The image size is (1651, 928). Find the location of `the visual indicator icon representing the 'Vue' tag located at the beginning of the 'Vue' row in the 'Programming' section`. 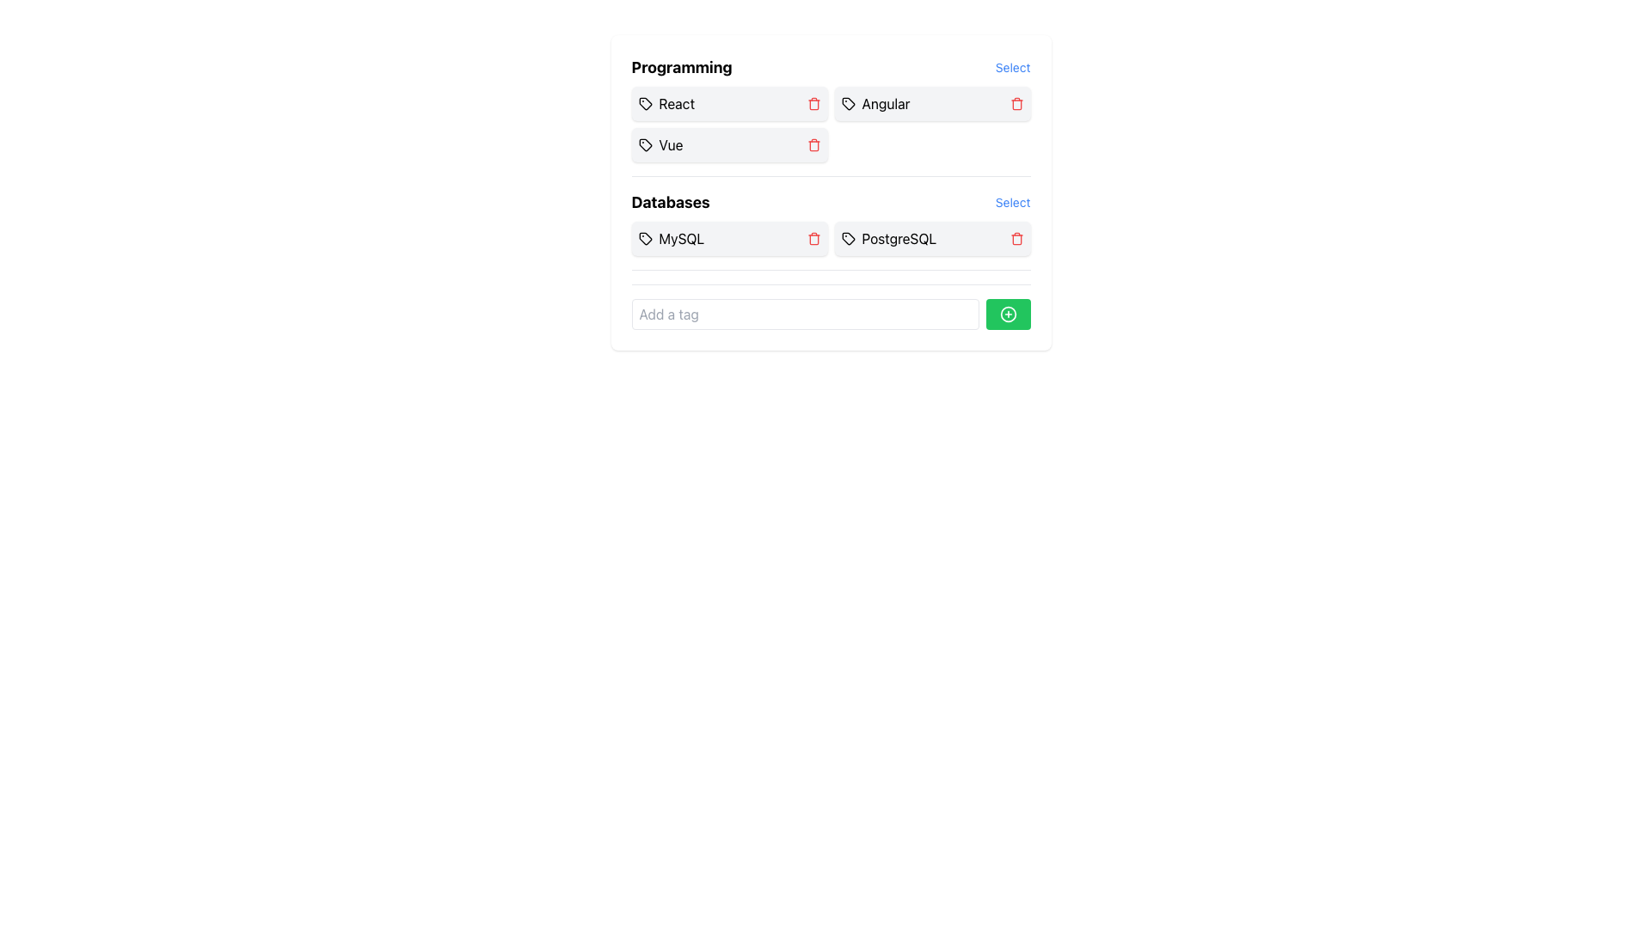

the visual indicator icon representing the 'Vue' tag located at the beginning of the 'Vue' row in the 'Programming' section is located at coordinates (644, 144).